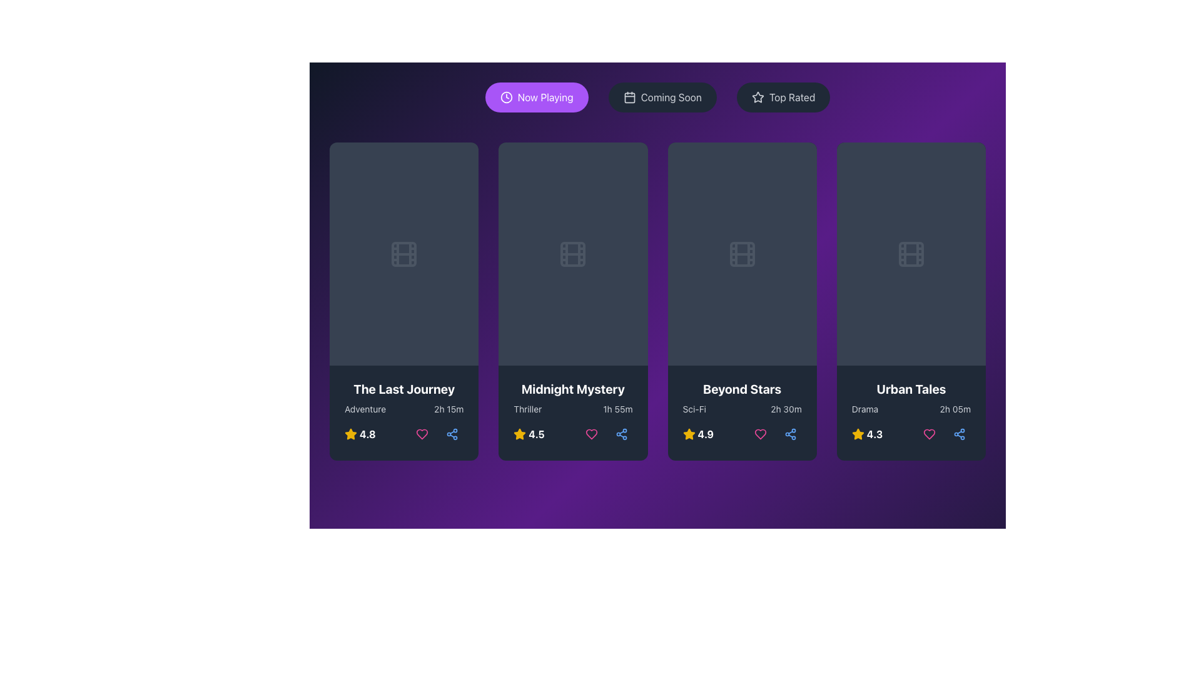 This screenshot has width=1201, height=675. What do you see at coordinates (506, 96) in the screenshot?
I see `the circular decorative element of the 'Now Playing' button, located at the top left of the interface` at bounding box center [506, 96].